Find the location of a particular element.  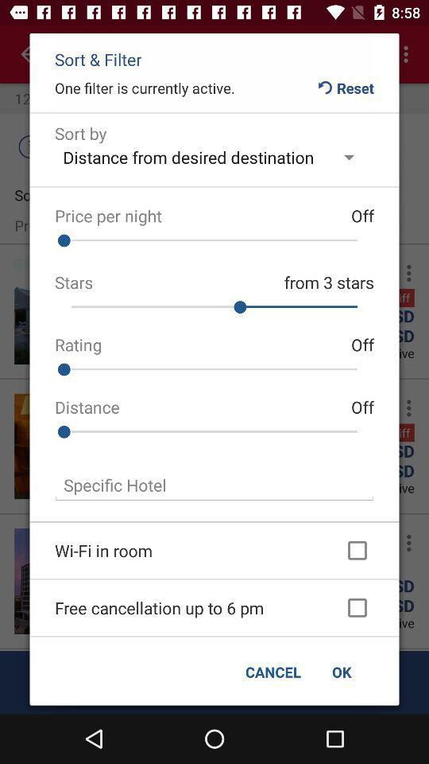

input text is located at coordinates (214, 484).